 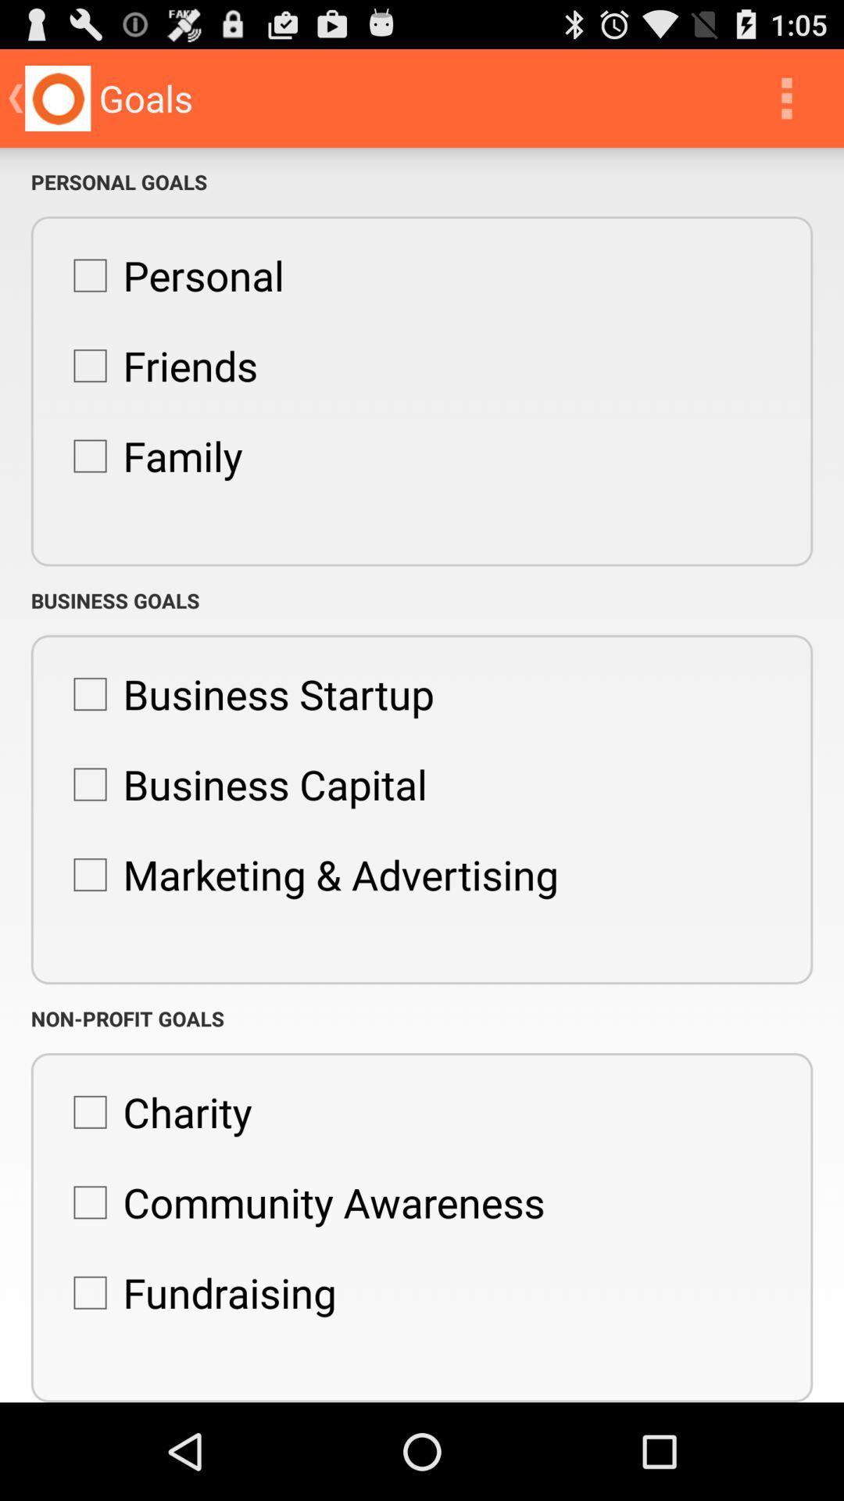 What do you see at coordinates (242, 784) in the screenshot?
I see `item below business startup icon` at bounding box center [242, 784].